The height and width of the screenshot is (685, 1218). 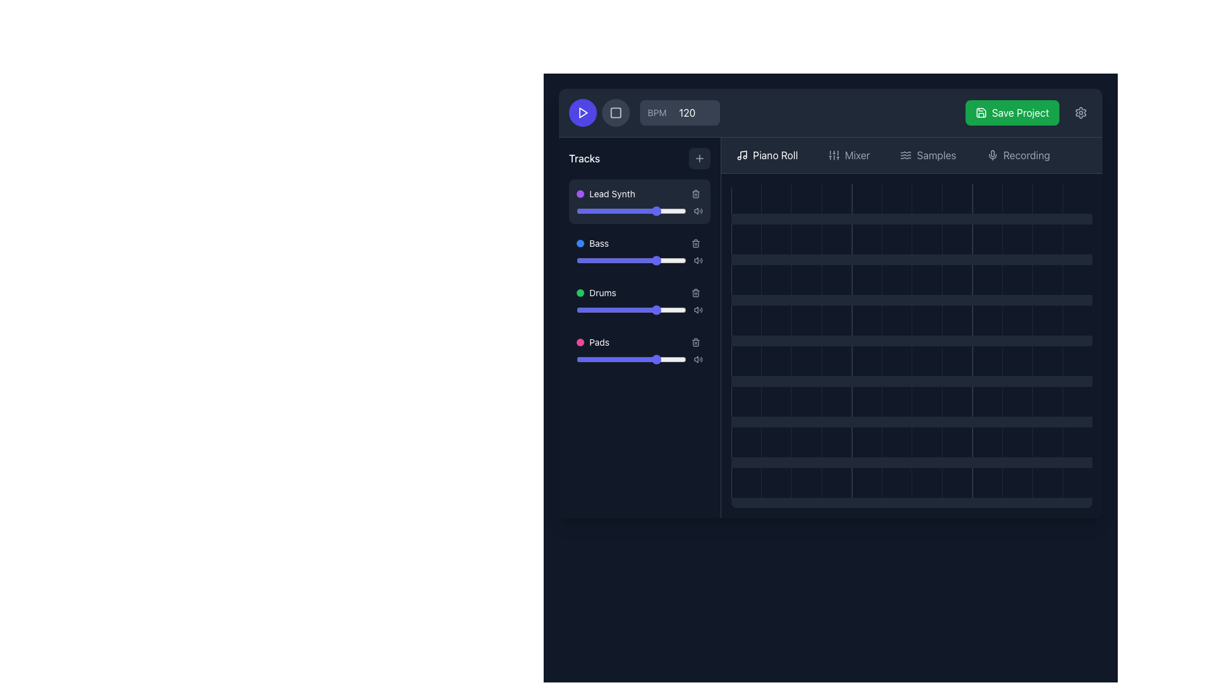 What do you see at coordinates (806, 441) in the screenshot?
I see `the square interactive placeholder or button located in the seventh row and third column of the grid layout` at bounding box center [806, 441].